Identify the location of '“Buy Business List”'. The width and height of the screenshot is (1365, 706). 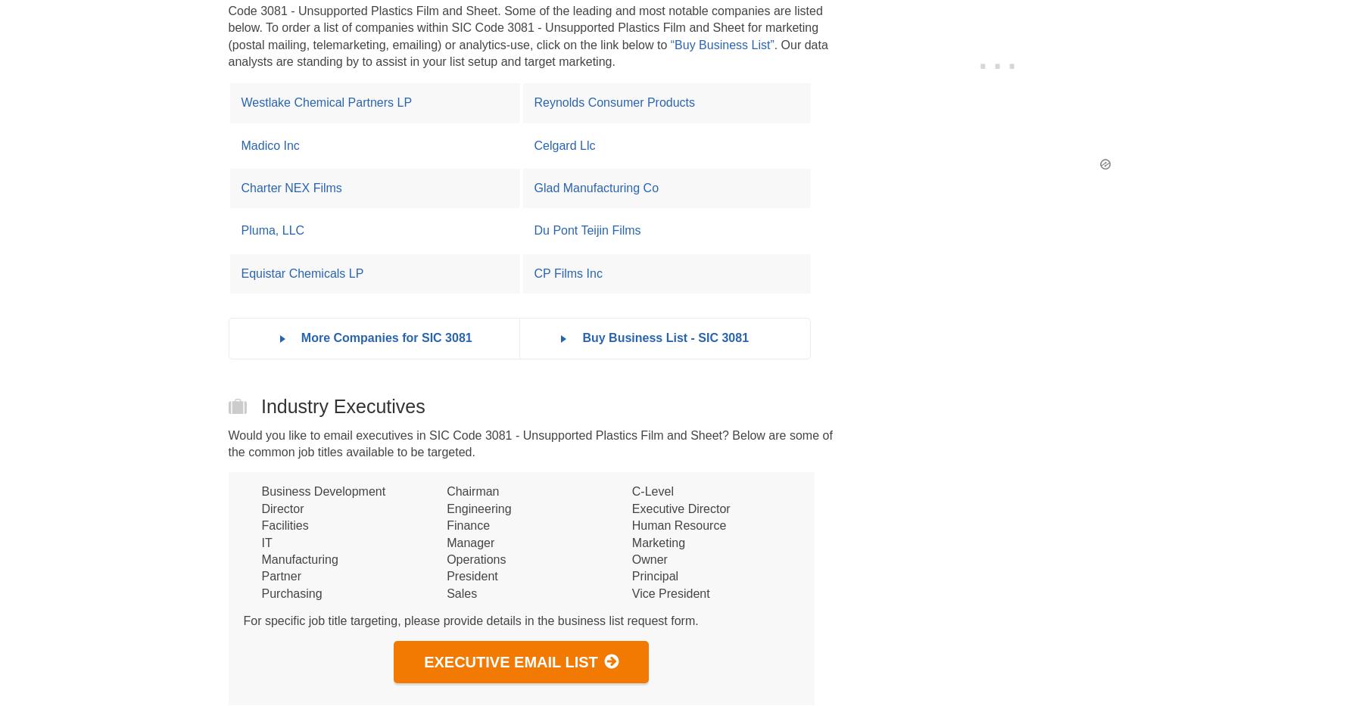
(721, 44).